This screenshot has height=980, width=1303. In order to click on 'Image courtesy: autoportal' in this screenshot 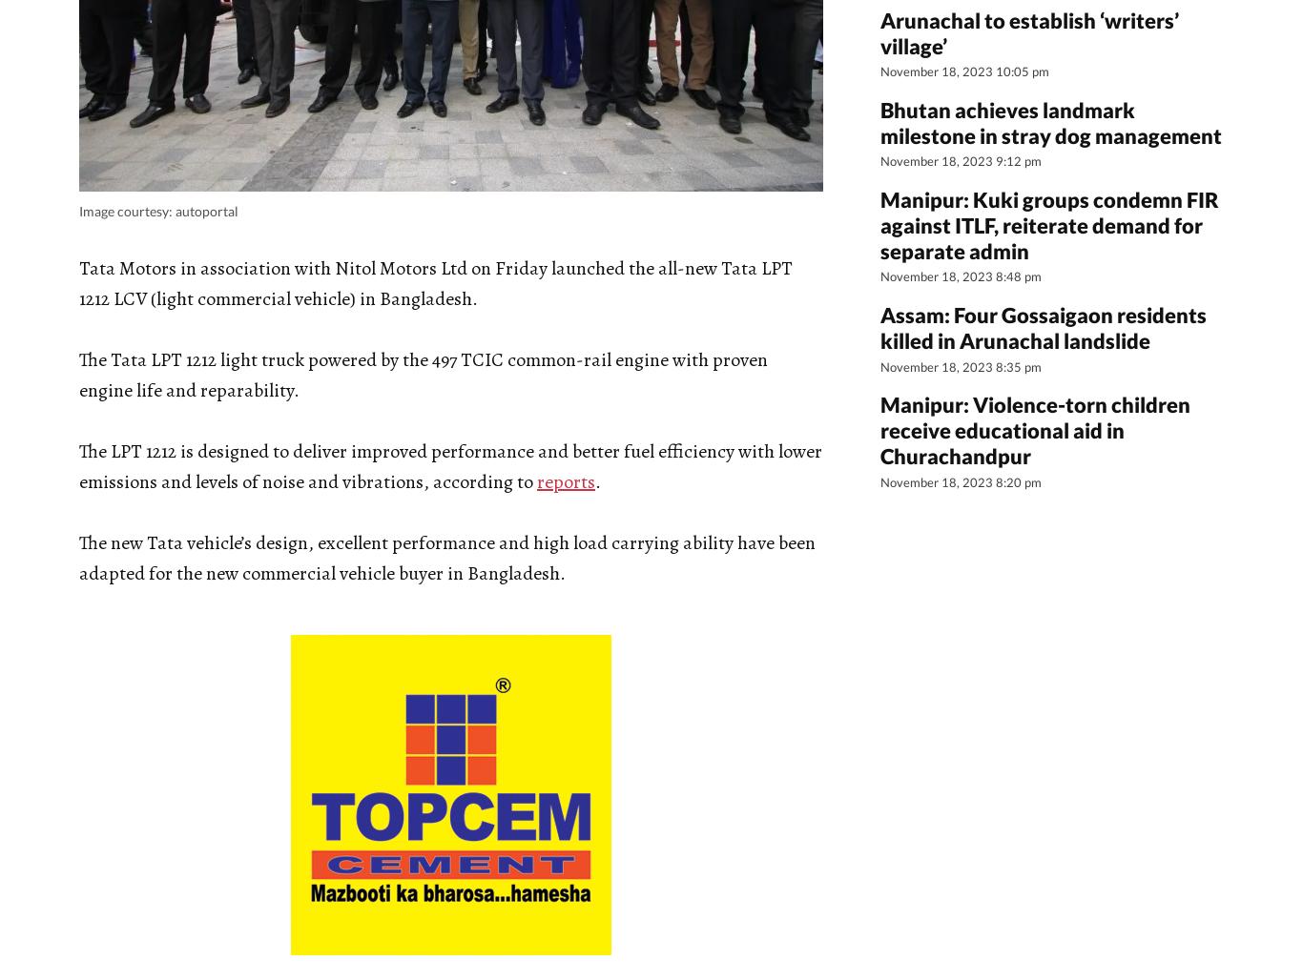, I will do `click(157, 210)`.